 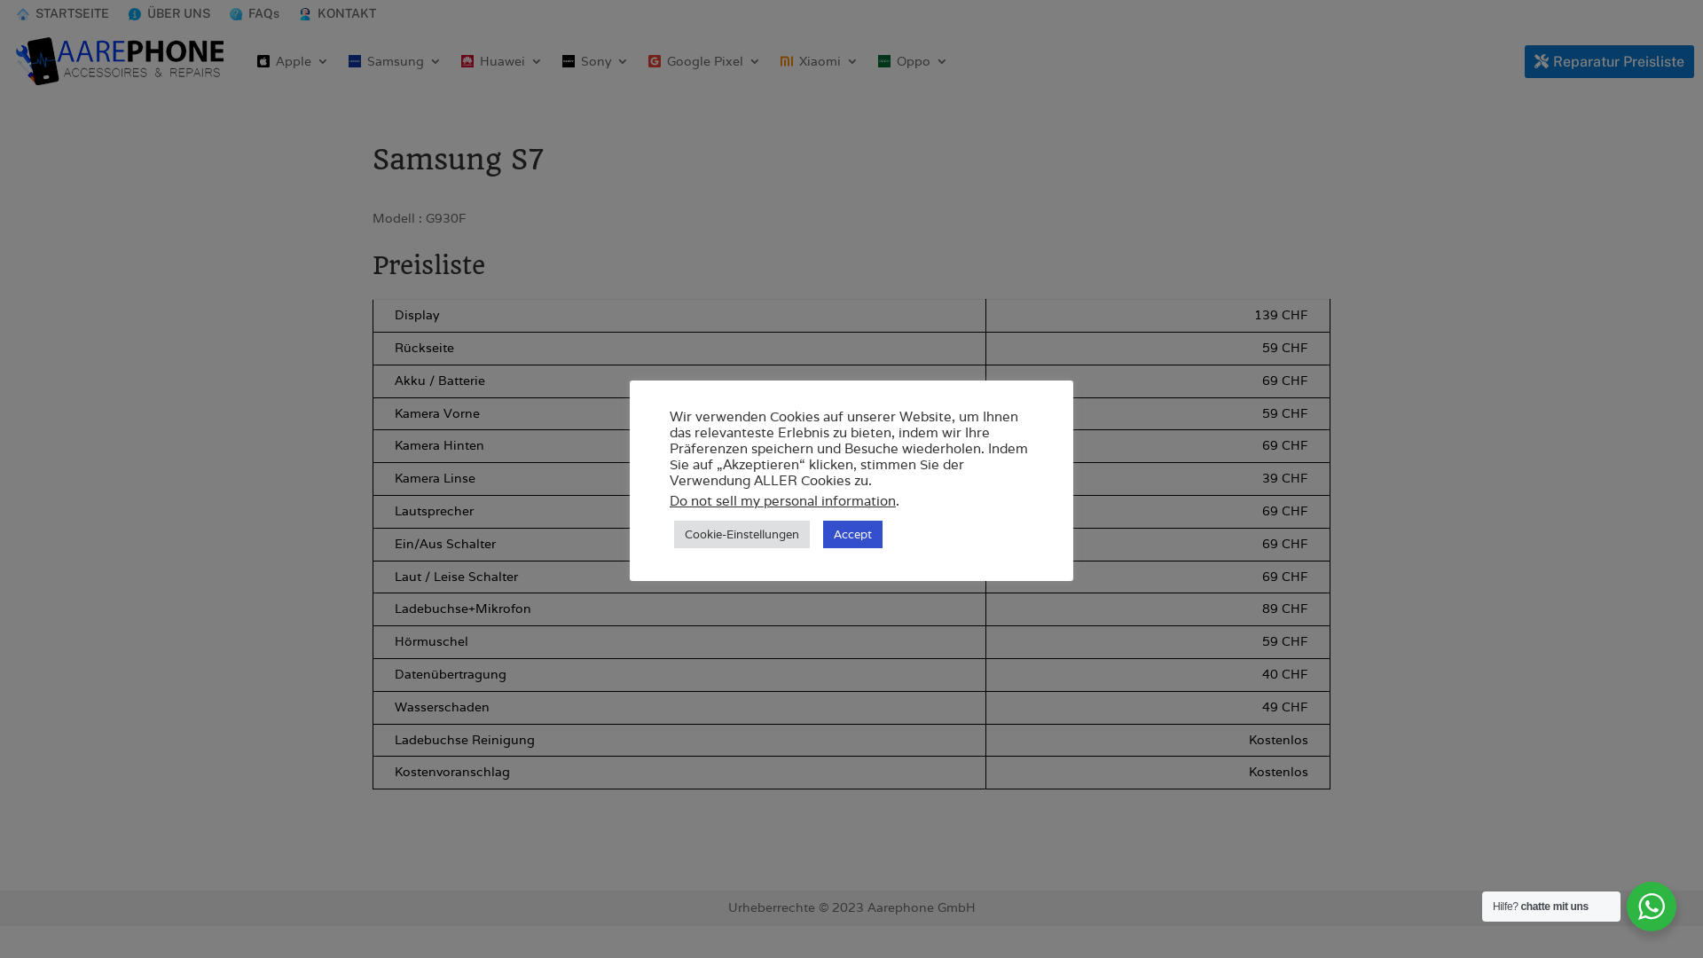 What do you see at coordinates (337, 17) in the screenshot?
I see `'KONTAKT'` at bounding box center [337, 17].